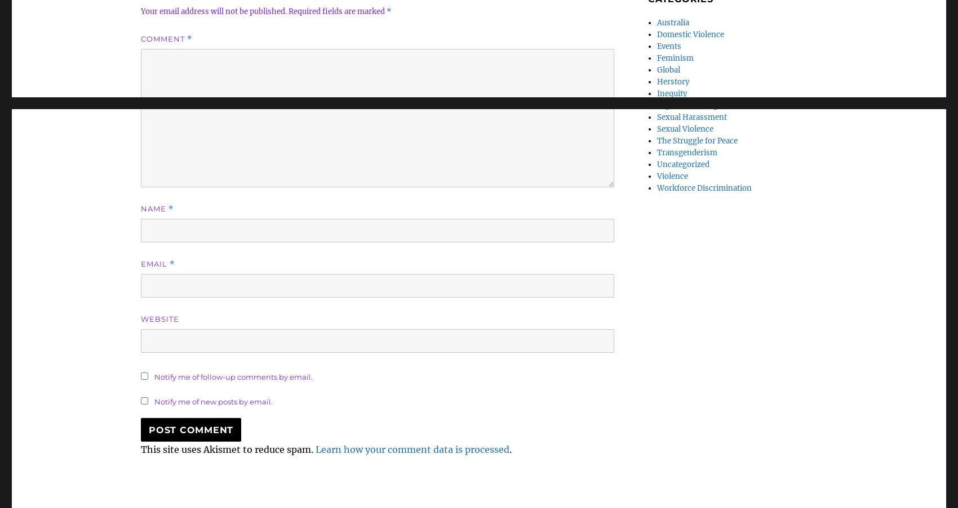 Image resolution: width=958 pixels, height=508 pixels. I want to click on 'Workforce Discrimination', so click(704, 188).